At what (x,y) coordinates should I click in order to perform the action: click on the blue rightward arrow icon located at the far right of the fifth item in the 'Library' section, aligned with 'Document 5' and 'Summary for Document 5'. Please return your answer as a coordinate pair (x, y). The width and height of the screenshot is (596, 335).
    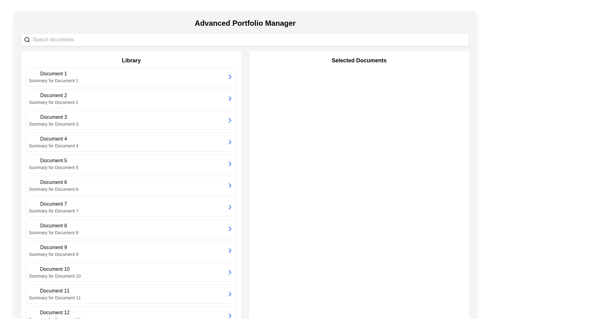
    Looking at the image, I should click on (229, 163).